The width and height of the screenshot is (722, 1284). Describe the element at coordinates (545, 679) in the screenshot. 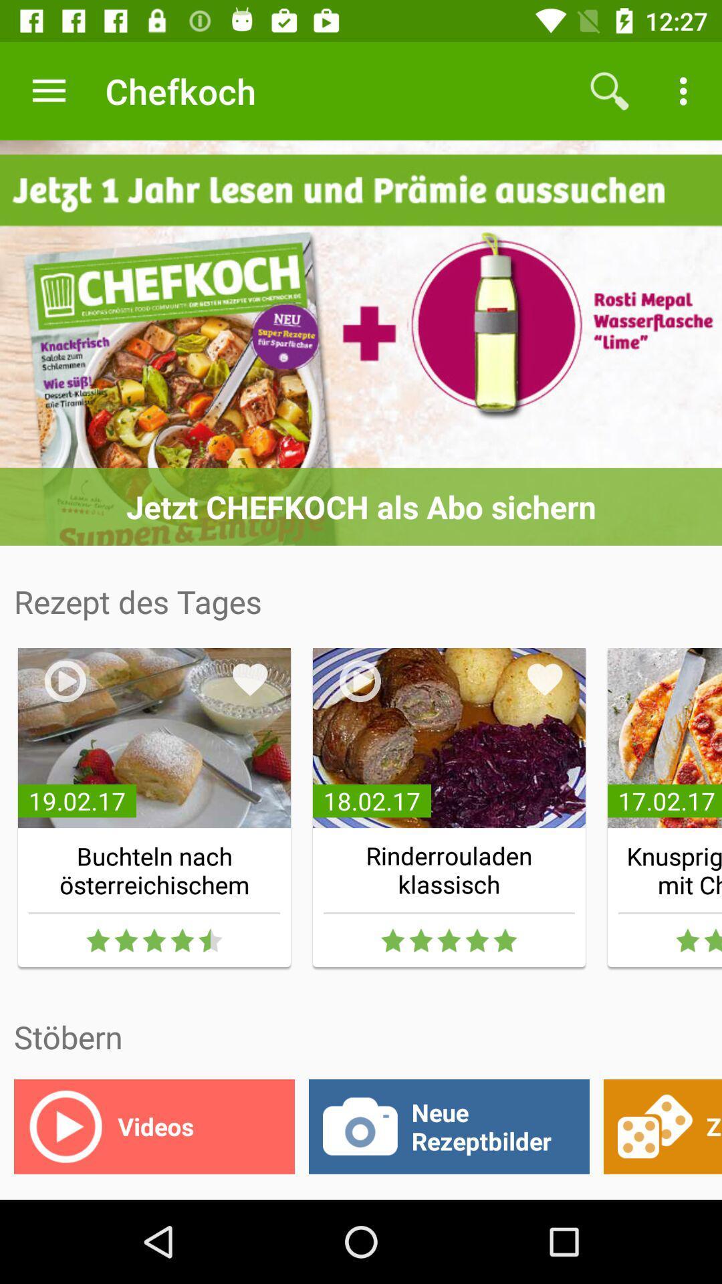

I see `the love symbol` at that location.